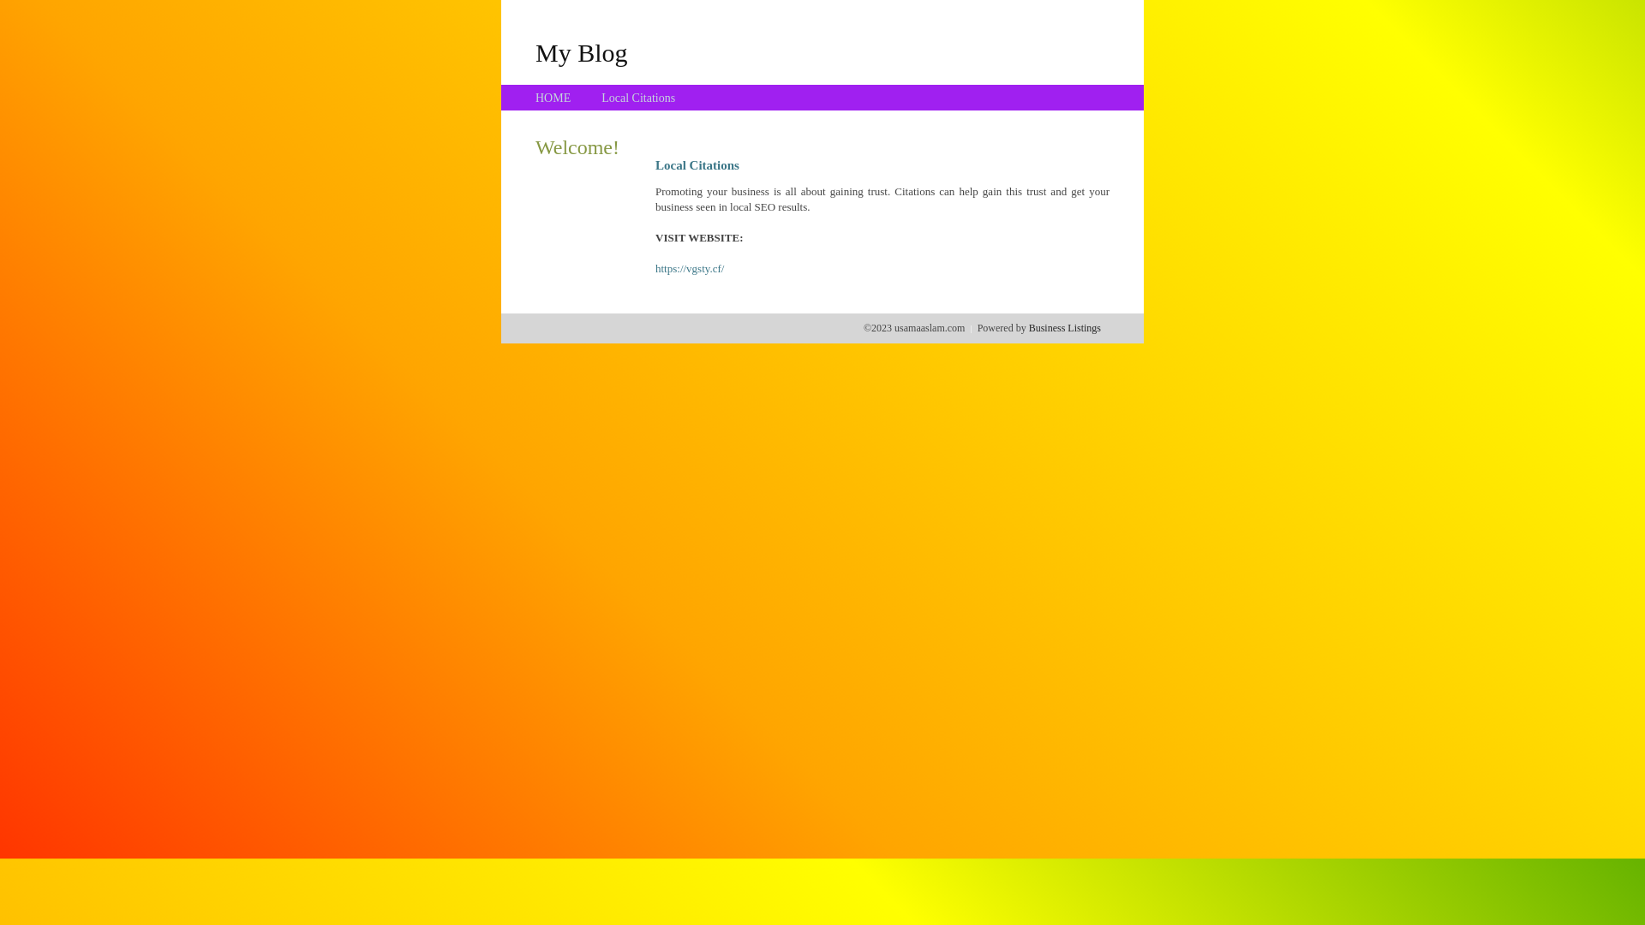  I want to click on 'My Blog', so click(581, 51).